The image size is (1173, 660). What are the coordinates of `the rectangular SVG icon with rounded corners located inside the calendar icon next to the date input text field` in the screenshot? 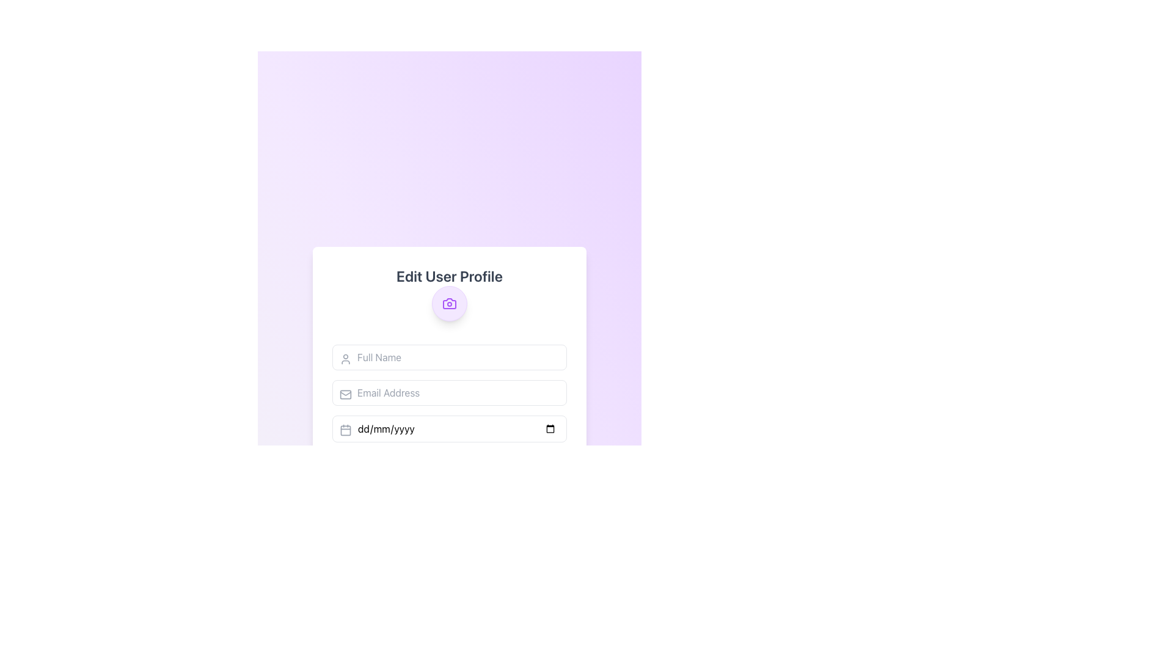 It's located at (345, 430).